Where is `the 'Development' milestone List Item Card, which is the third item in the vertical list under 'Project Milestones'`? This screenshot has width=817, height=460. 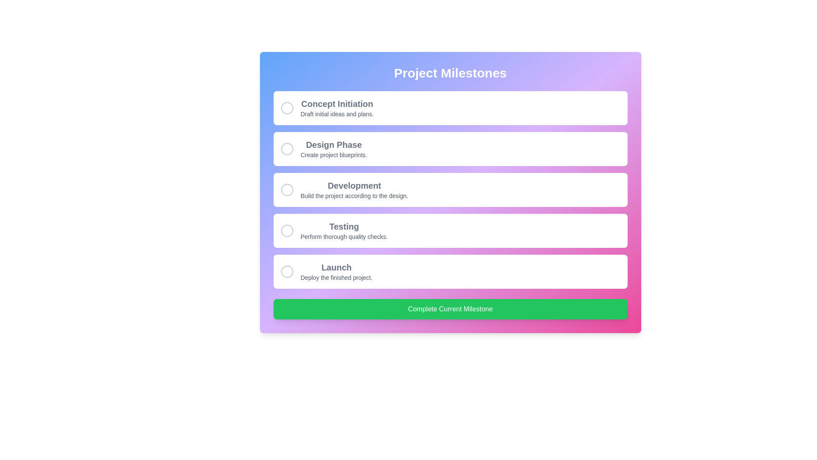 the 'Development' milestone List Item Card, which is the third item in the vertical list under 'Project Milestones' is located at coordinates (450, 190).